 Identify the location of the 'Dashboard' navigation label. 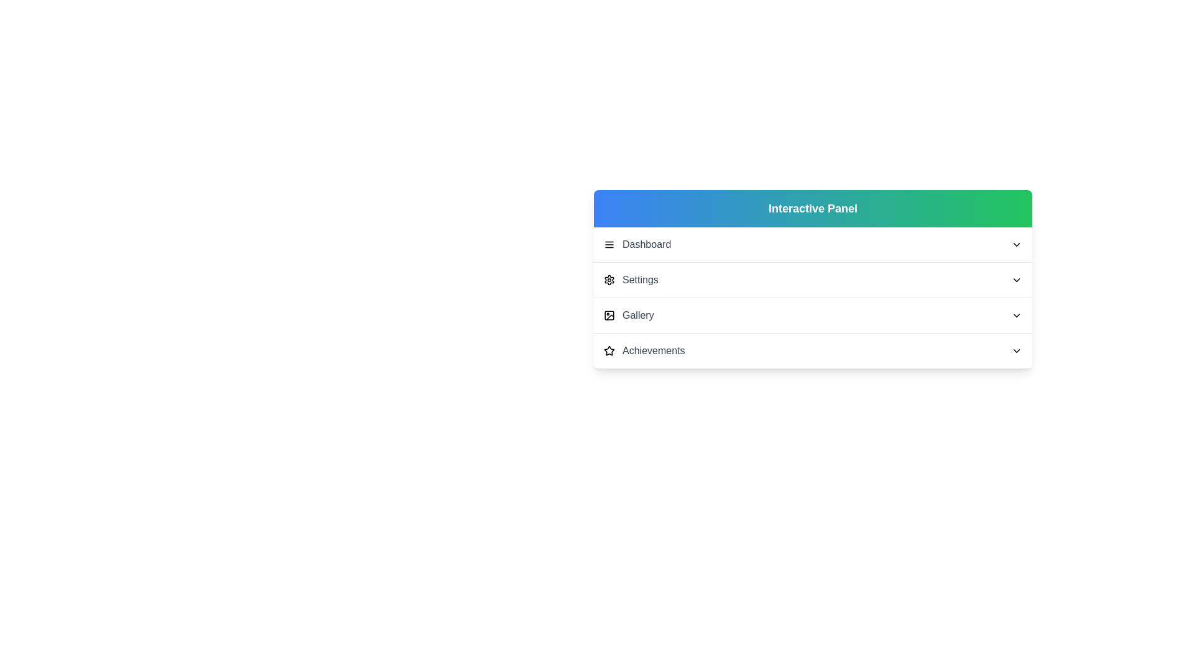
(647, 244).